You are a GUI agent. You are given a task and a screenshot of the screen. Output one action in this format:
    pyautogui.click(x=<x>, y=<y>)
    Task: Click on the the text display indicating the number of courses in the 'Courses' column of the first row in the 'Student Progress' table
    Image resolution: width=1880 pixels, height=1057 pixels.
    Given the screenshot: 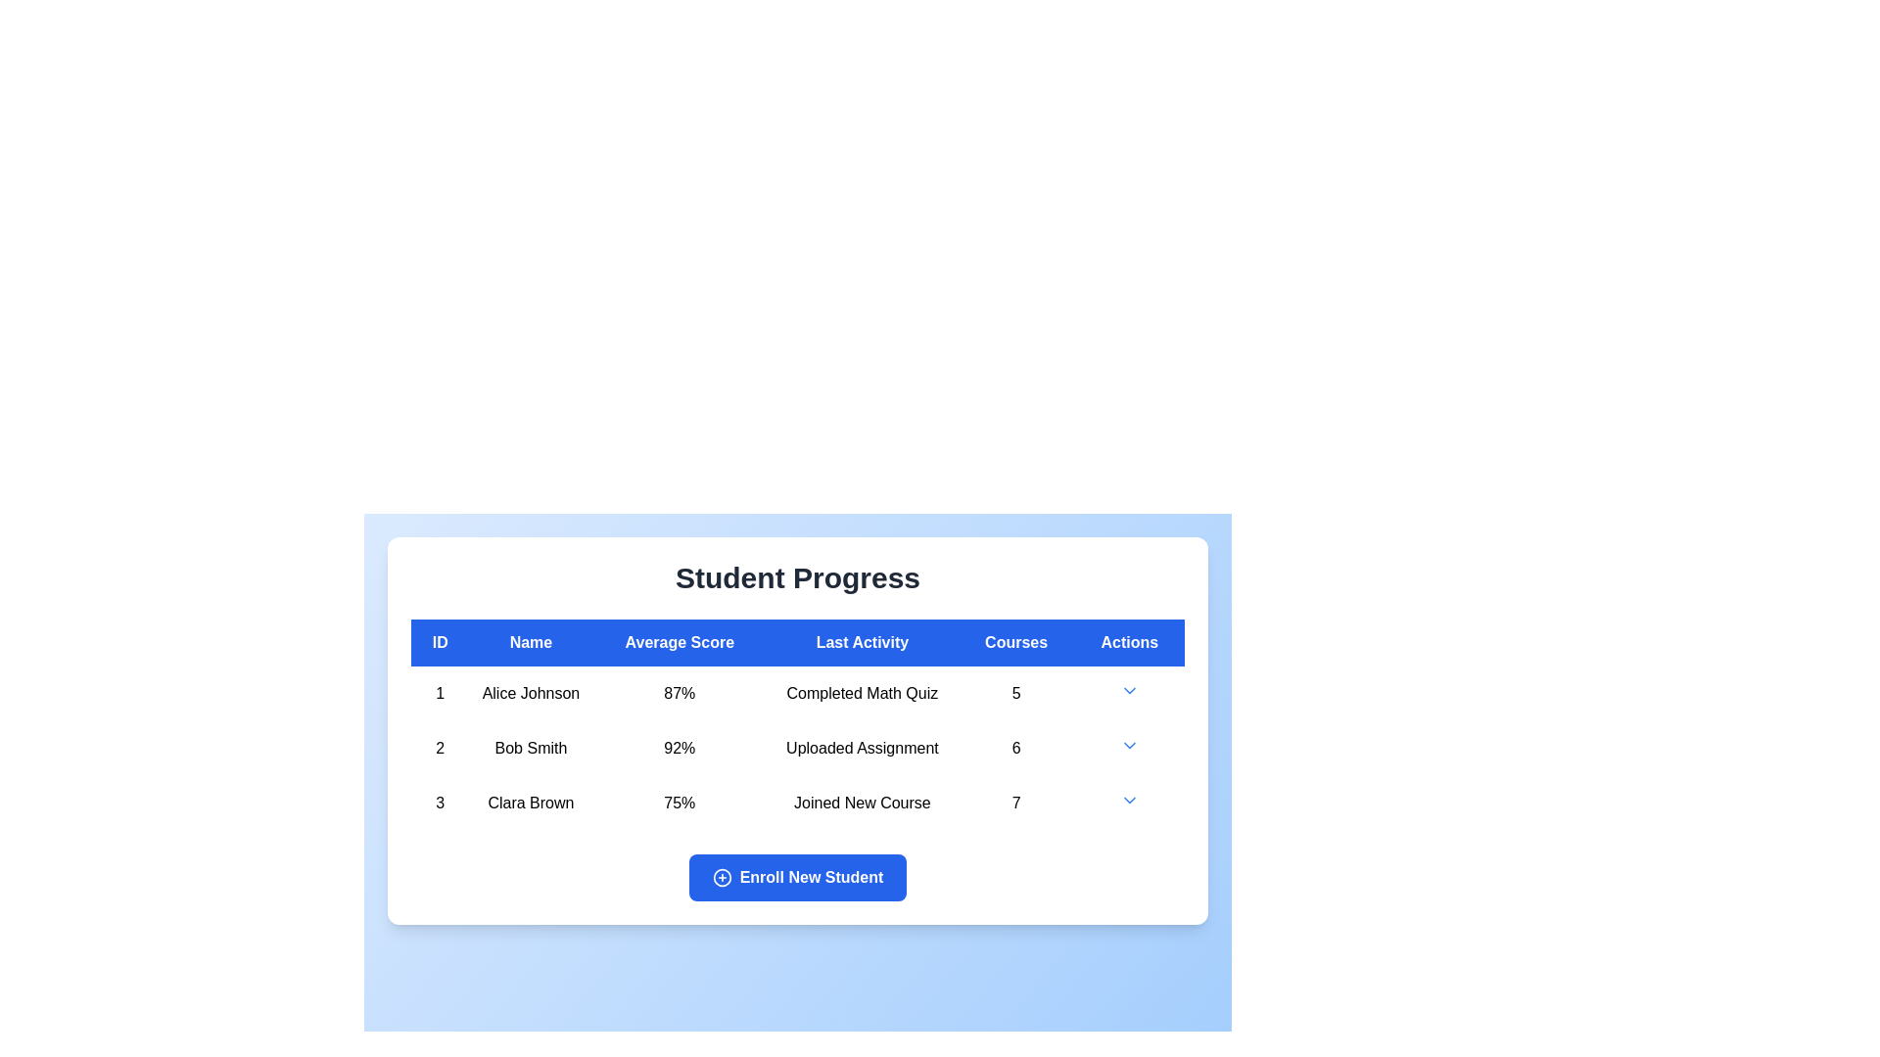 What is the action you would take?
    pyautogui.click(x=1016, y=693)
    